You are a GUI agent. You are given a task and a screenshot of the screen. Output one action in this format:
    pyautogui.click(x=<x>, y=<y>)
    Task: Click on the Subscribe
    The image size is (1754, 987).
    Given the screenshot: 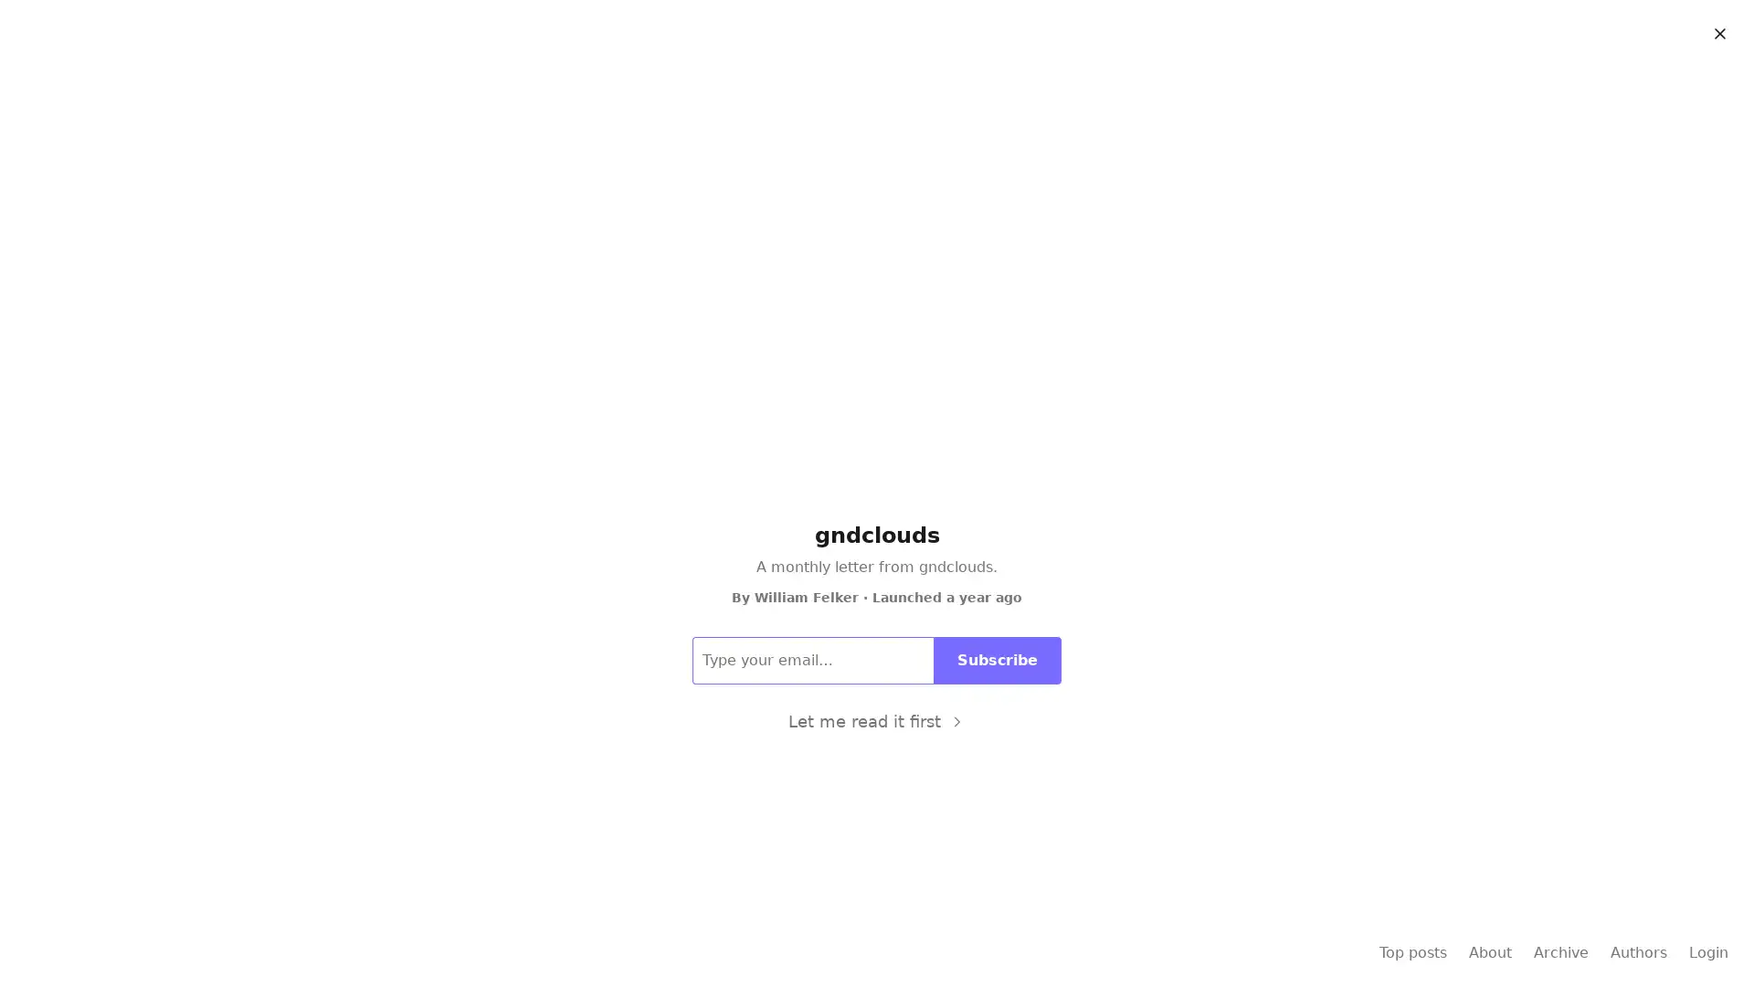 What is the action you would take?
    pyautogui.click(x=997, y=659)
    